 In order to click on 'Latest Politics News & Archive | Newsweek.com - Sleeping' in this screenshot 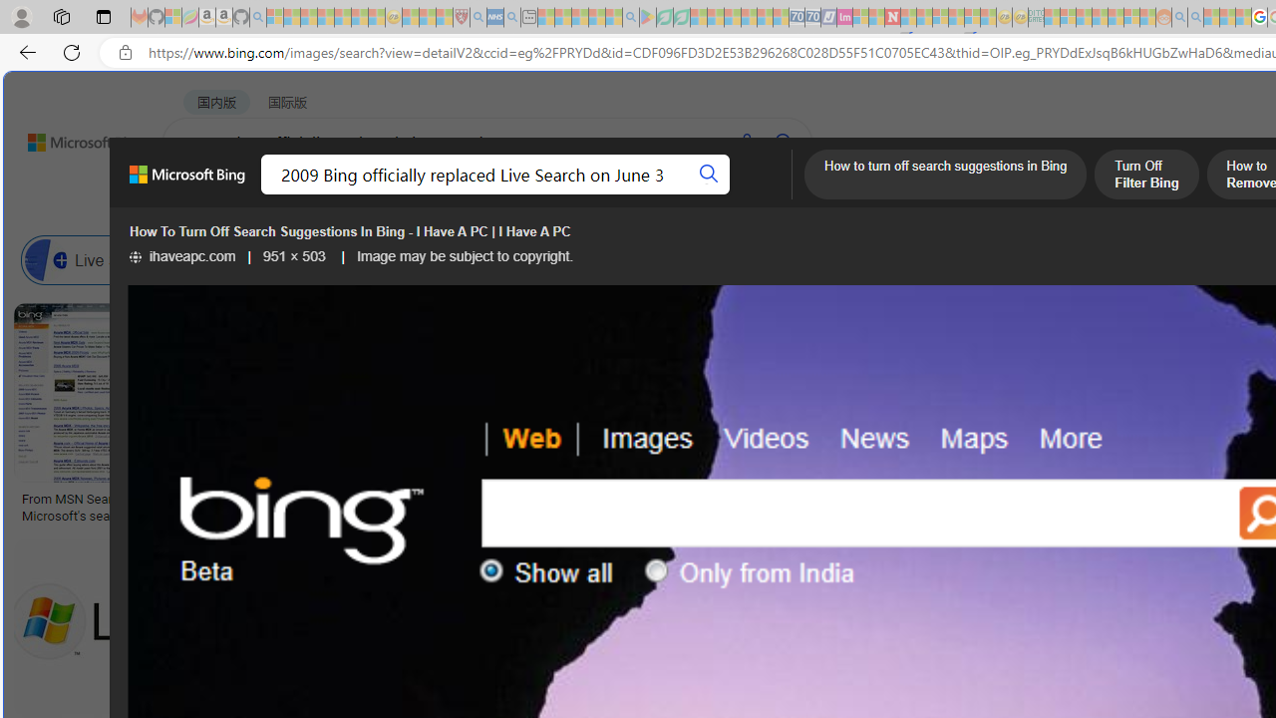, I will do `click(891, 17)`.